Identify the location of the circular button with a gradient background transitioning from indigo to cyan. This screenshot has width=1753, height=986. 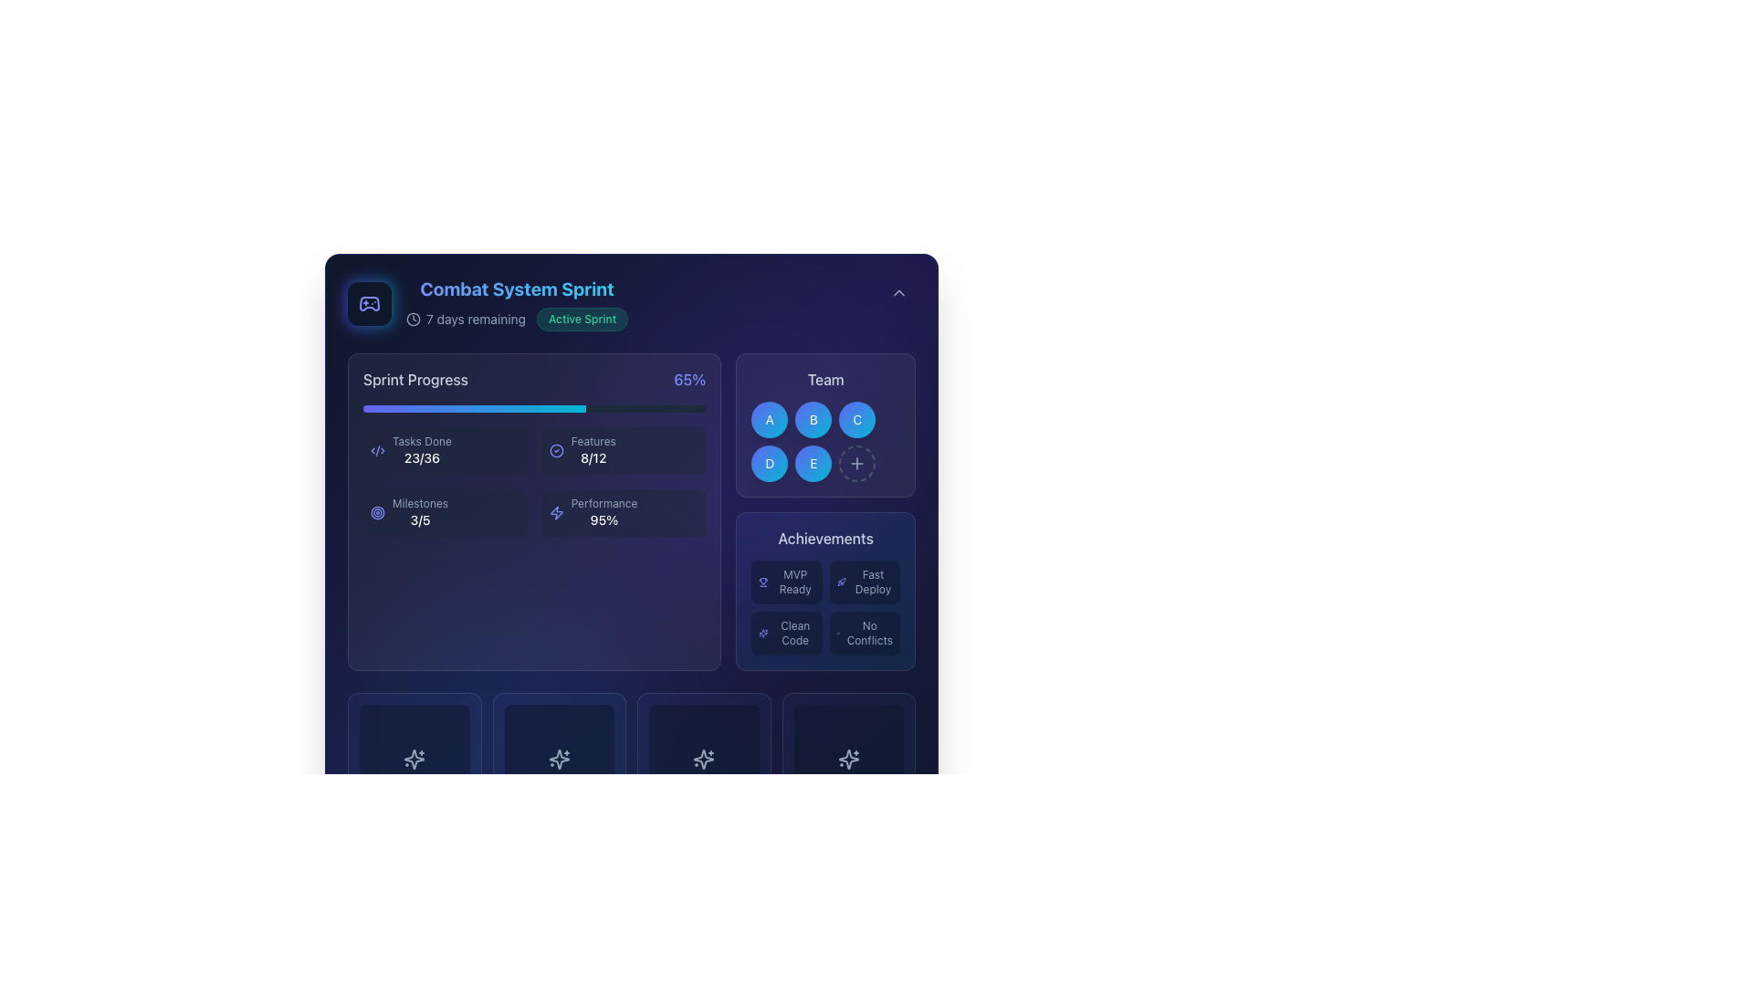
(770, 419).